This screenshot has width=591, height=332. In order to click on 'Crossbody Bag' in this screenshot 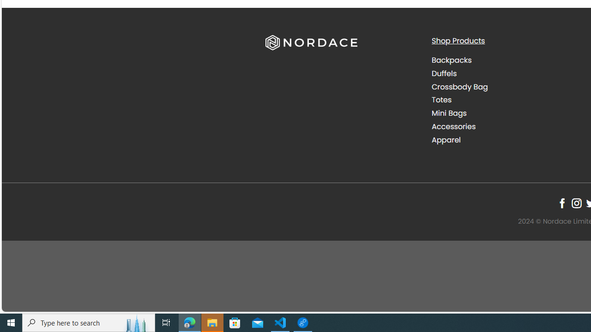, I will do `click(507, 87)`.